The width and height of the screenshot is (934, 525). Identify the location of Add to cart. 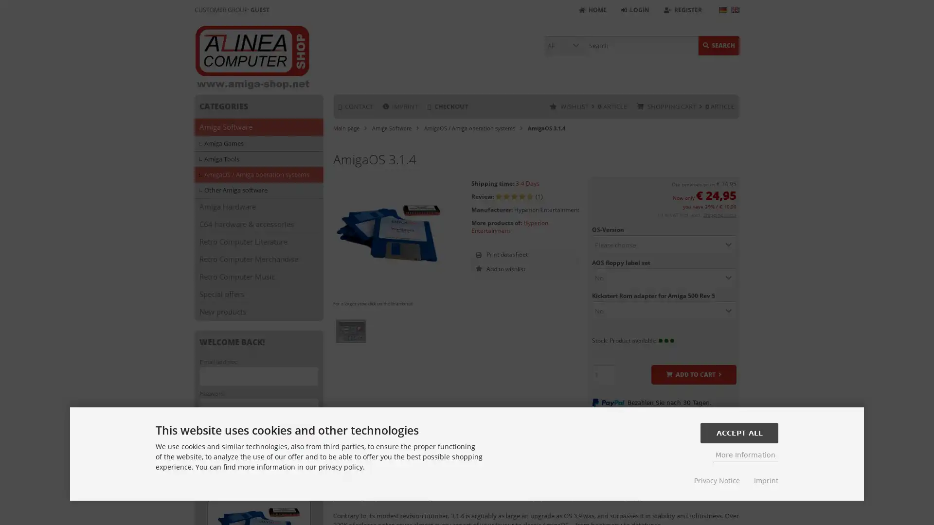
(693, 374).